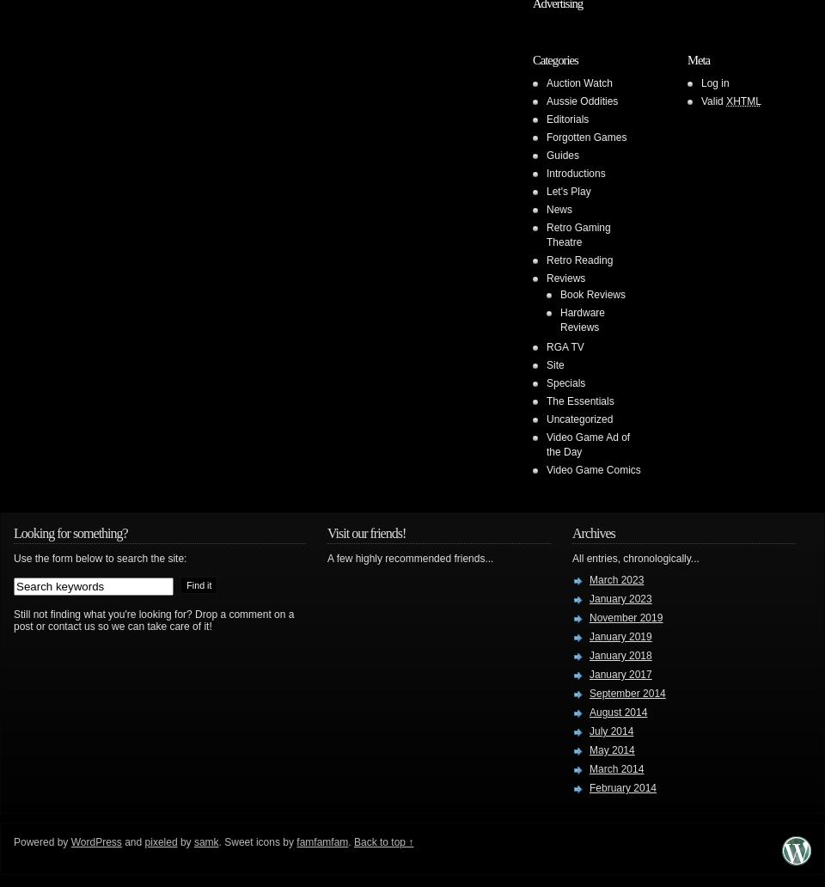  I want to click on 'Retro Gaming Theatre', so click(577, 235).